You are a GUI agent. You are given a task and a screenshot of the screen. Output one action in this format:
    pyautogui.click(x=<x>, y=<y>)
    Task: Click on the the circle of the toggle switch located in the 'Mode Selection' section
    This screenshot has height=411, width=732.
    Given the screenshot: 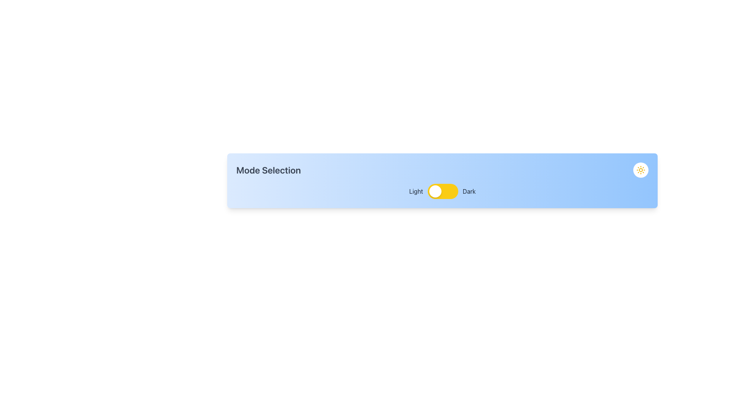 What is the action you would take?
    pyautogui.click(x=442, y=191)
    